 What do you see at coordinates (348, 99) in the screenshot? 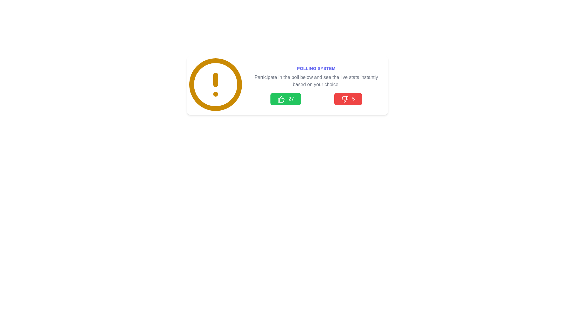
I see `the red button with white text '5' and a thumbs-down icon to register a downvote` at bounding box center [348, 99].